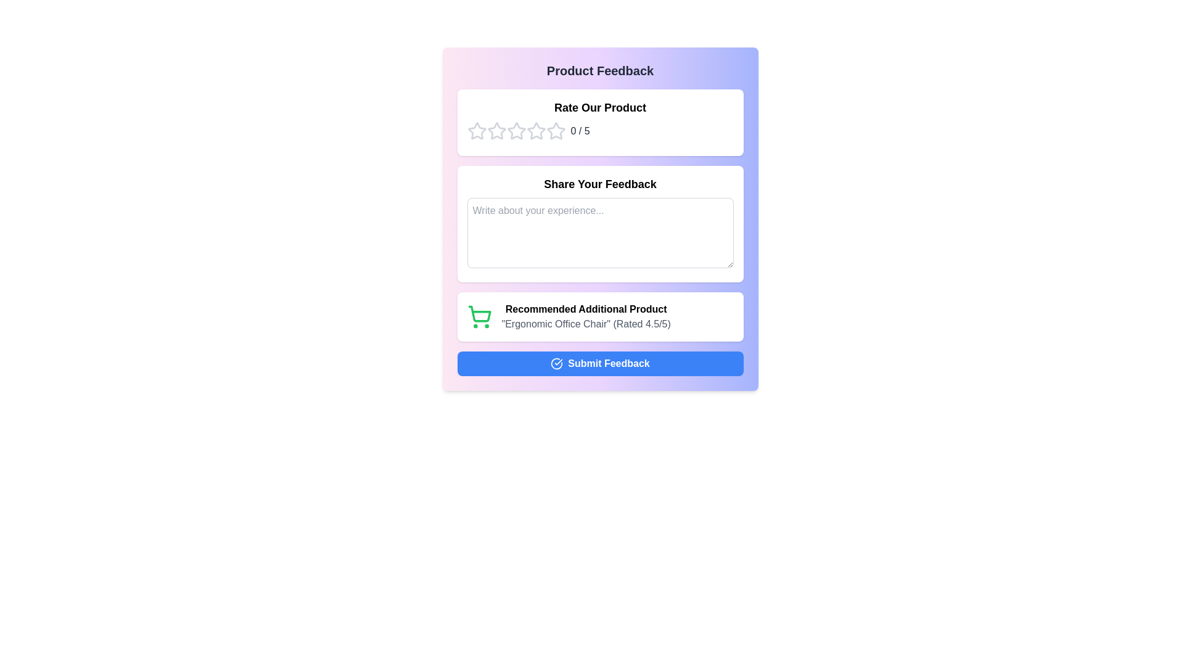 Image resolution: width=1184 pixels, height=666 pixels. What do you see at coordinates (516, 131) in the screenshot?
I see `the fourth star in the interactive rating icon row within the 'Rate Our Product' section of the modal` at bounding box center [516, 131].